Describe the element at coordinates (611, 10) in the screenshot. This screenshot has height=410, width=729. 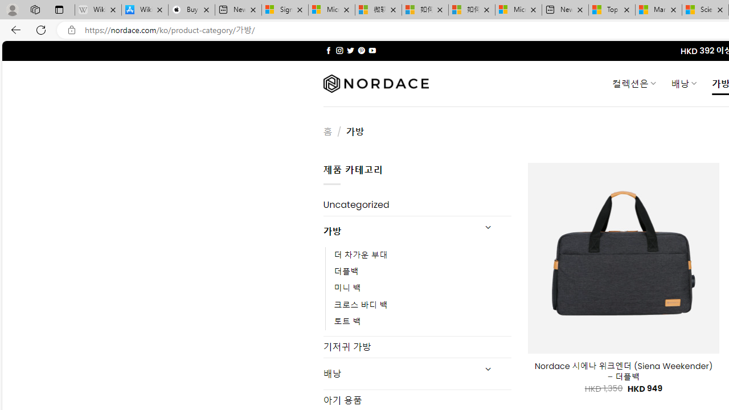
I see `'Top Stories - MSN'` at that location.